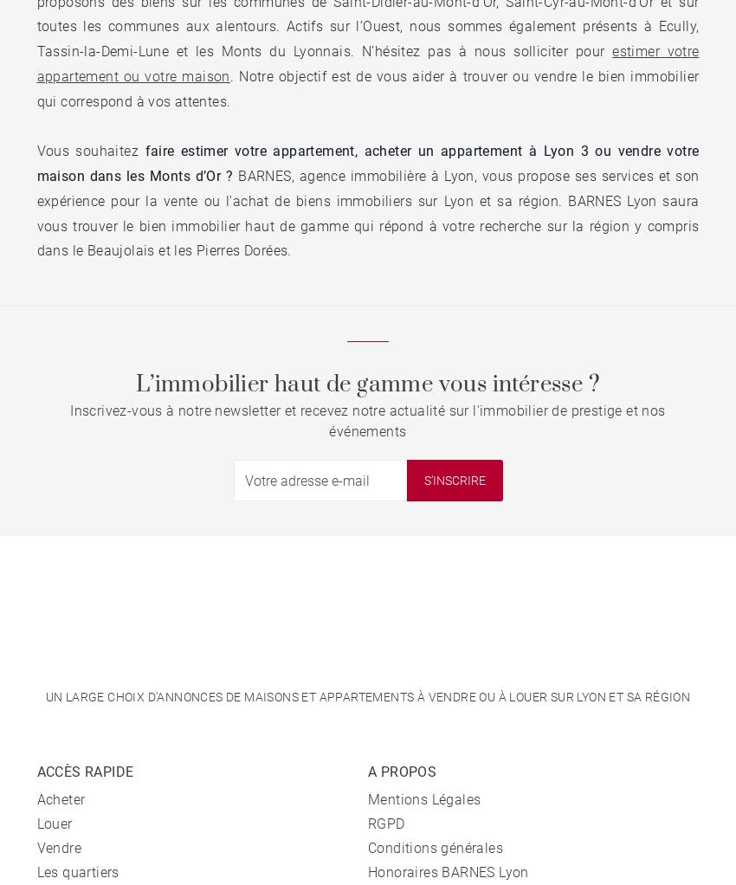 This screenshot has height=885, width=736. Describe the element at coordinates (401, 771) in the screenshot. I see `'A propos'` at that location.